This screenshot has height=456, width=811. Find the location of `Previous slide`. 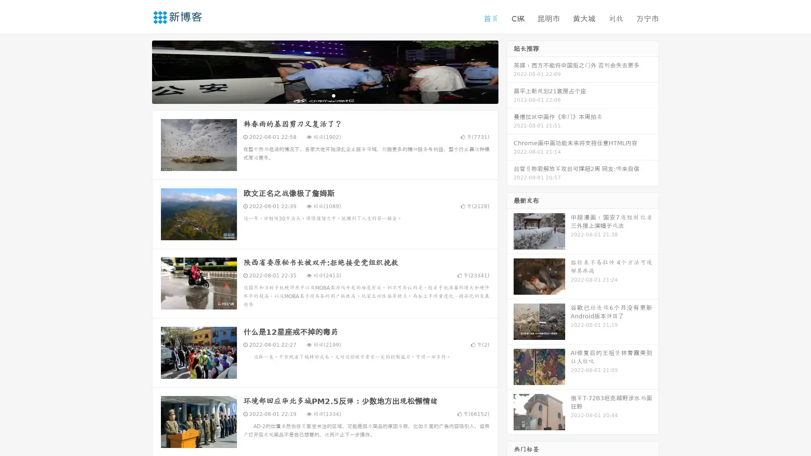

Previous slide is located at coordinates (139, 71).